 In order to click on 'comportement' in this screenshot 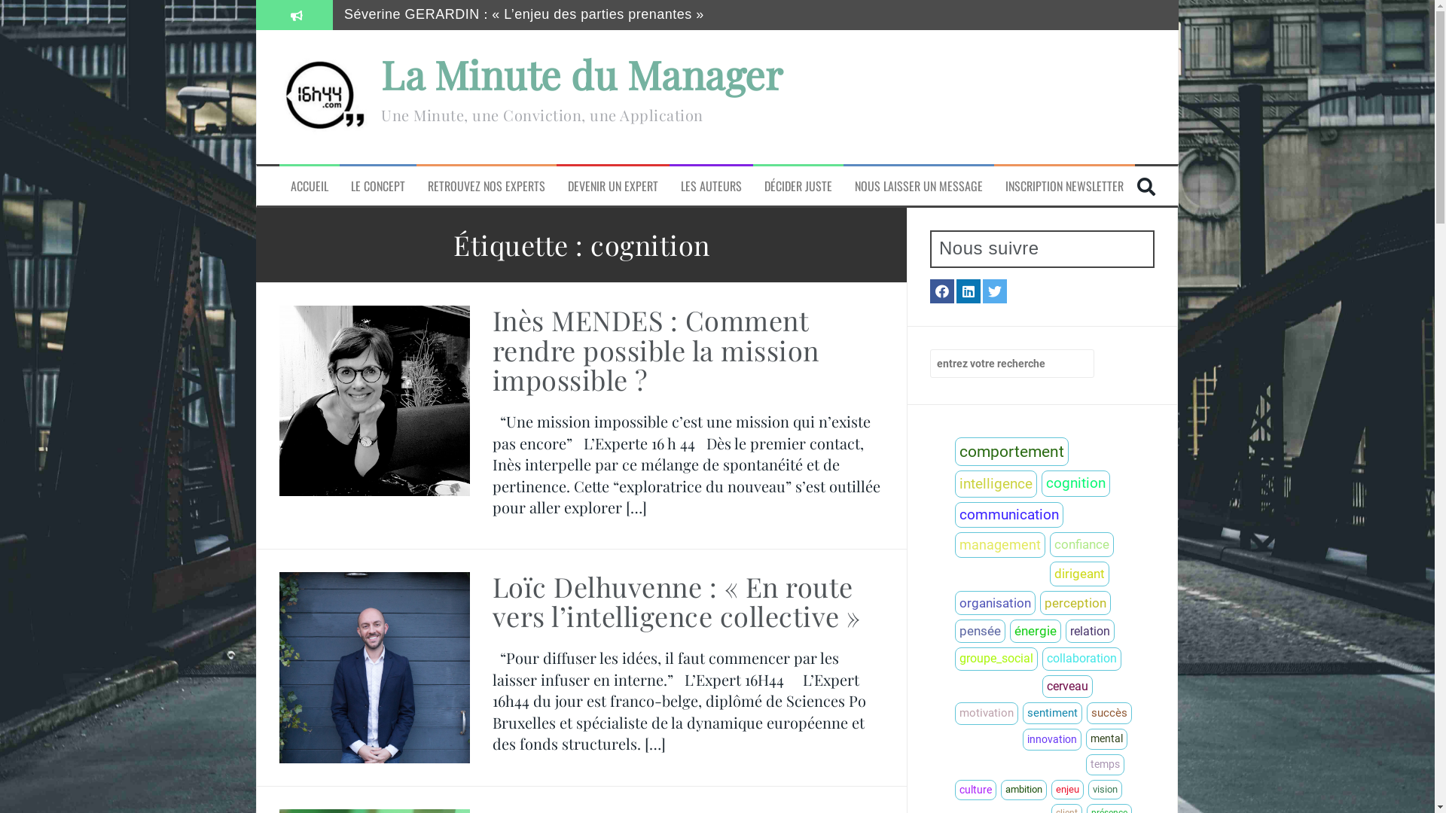, I will do `click(1011, 451)`.